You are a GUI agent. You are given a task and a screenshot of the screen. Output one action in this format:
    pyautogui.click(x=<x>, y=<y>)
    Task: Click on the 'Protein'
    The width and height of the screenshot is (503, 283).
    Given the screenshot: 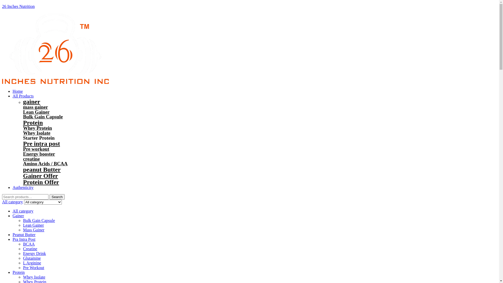 What is the action you would take?
    pyautogui.click(x=32, y=122)
    